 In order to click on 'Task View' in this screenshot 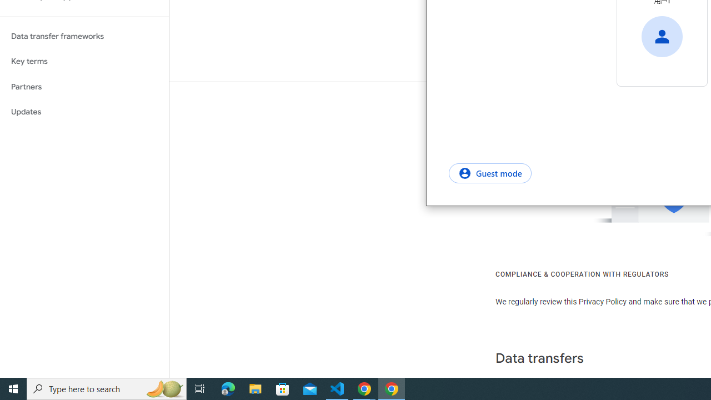, I will do `click(199, 388)`.